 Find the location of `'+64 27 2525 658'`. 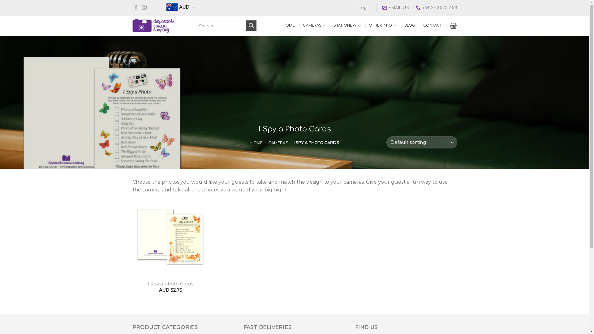

'+64 27 2525 658' is located at coordinates (436, 7).